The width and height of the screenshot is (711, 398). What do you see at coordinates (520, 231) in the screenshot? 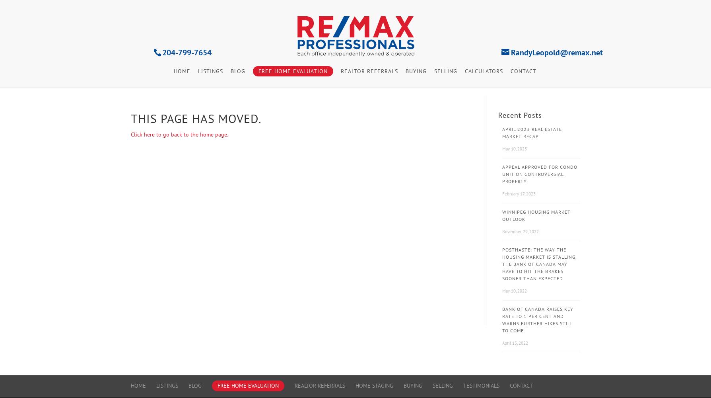
I see `'November 29, 2022'` at bounding box center [520, 231].